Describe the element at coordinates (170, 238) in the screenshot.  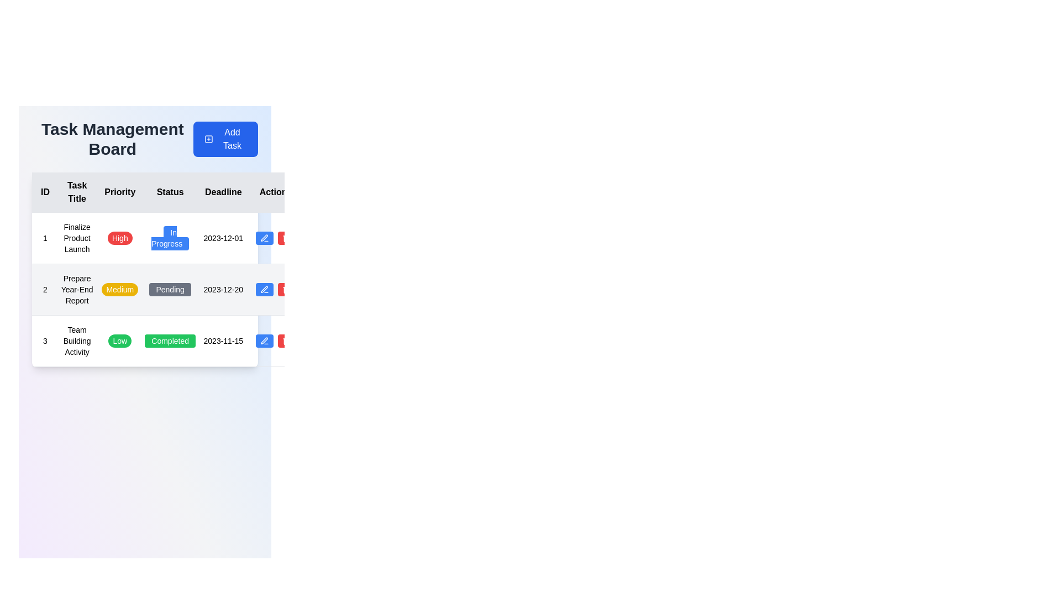
I see `the Status Badge in the 'Status' column of the first row in the task management table, which indicates that the associated task is currently in progress` at that location.